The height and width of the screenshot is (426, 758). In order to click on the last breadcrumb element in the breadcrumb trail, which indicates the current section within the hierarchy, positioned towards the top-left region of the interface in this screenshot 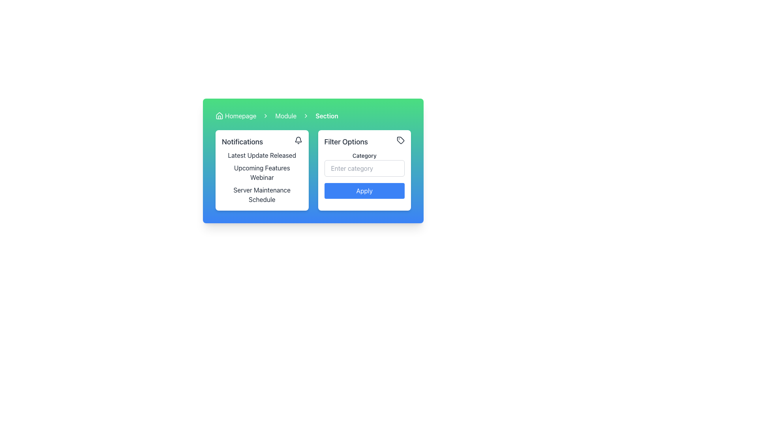, I will do `click(327, 116)`.